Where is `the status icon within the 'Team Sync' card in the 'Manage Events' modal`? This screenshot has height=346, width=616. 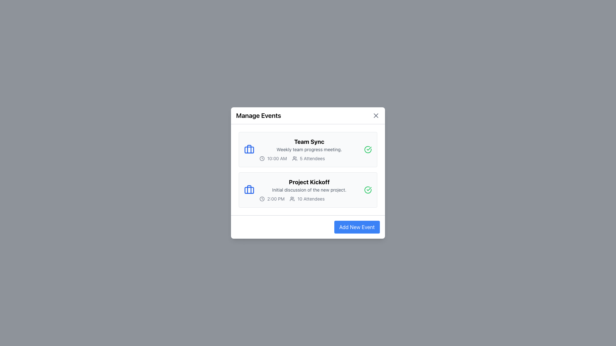
the status icon within the 'Team Sync' card in the 'Manage Events' modal is located at coordinates (368, 149).